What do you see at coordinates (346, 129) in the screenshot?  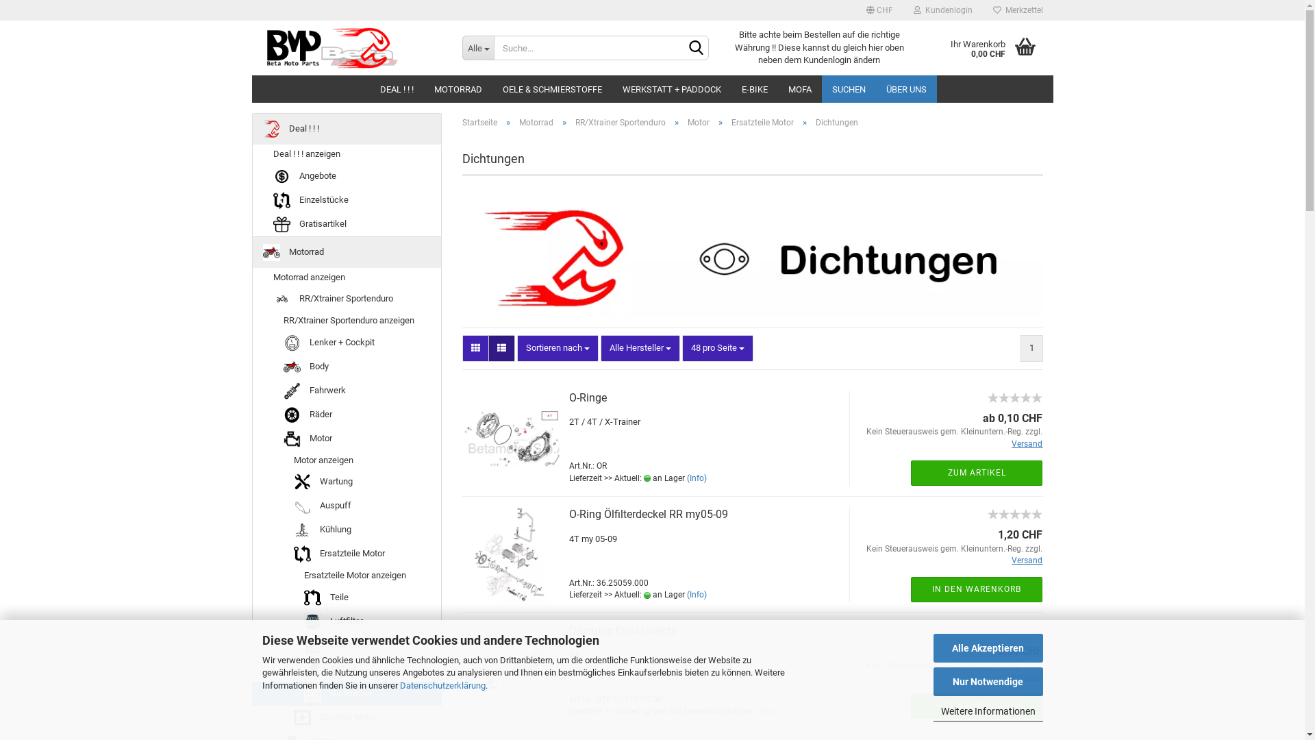 I see `'Deal ! ! !'` at bounding box center [346, 129].